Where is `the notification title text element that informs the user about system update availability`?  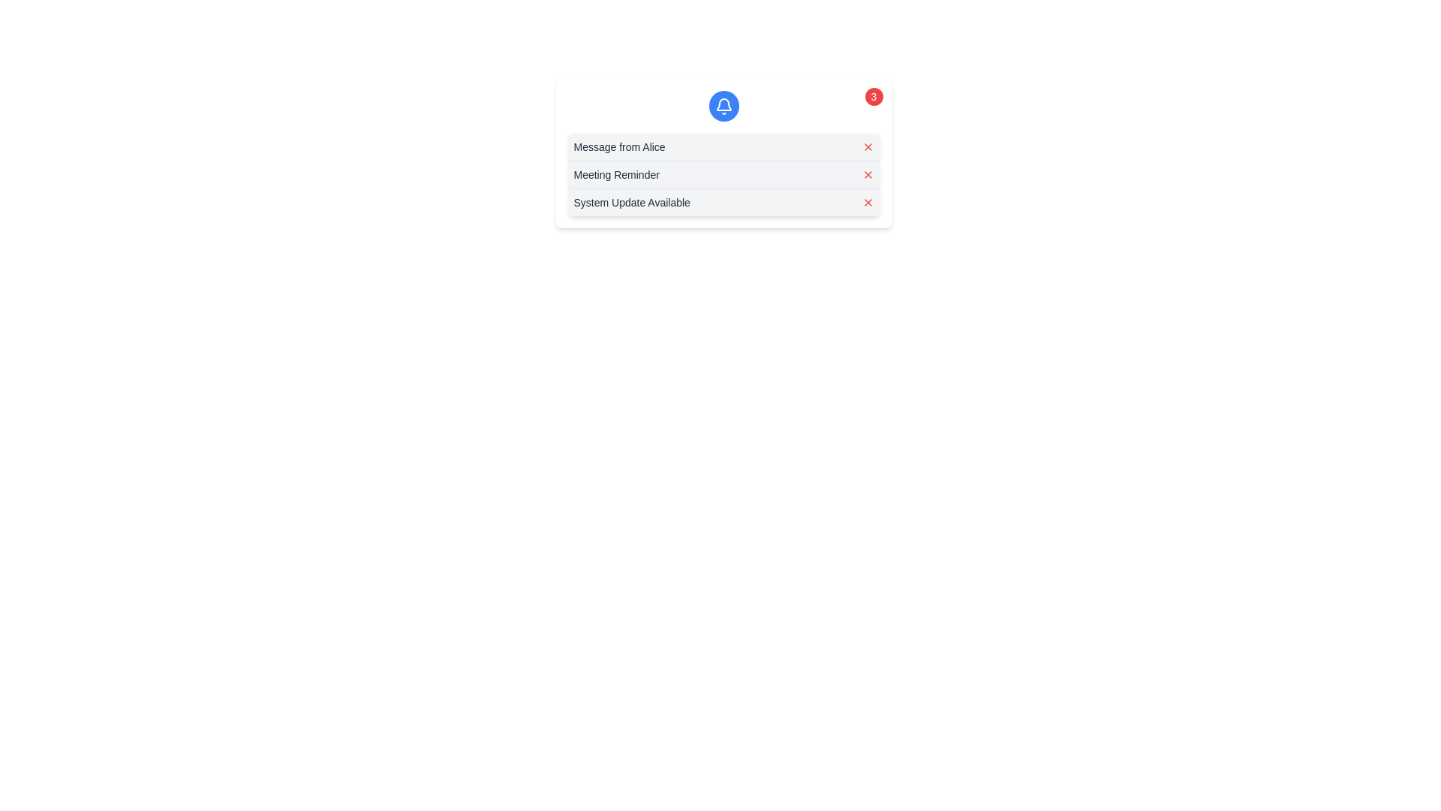
the notification title text element that informs the user about system update availability is located at coordinates (632, 201).